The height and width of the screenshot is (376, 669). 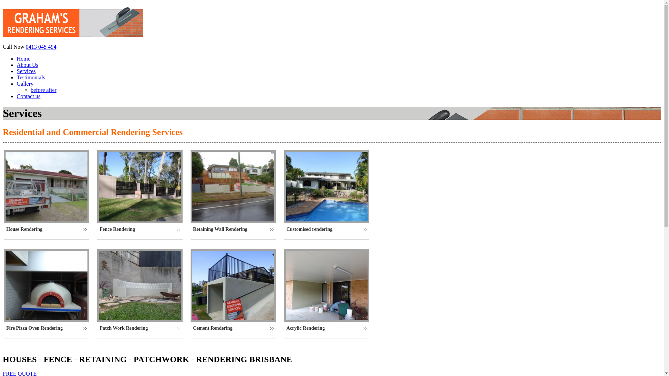 What do you see at coordinates (27, 65) in the screenshot?
I see `'About Us'` at bounding box center [27, 65].